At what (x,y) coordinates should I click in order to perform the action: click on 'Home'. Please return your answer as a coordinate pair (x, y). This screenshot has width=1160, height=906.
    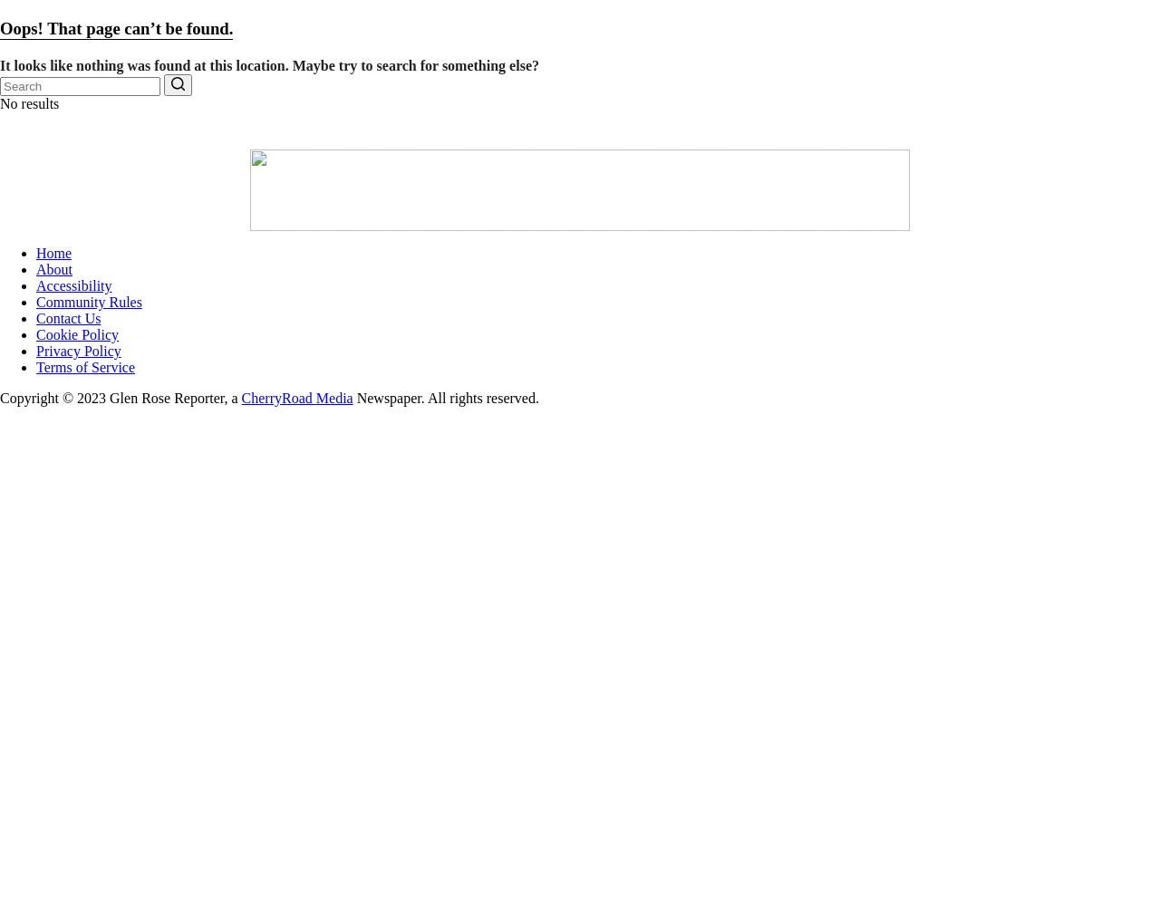
    Looking at the image, I should click on (53, 252).